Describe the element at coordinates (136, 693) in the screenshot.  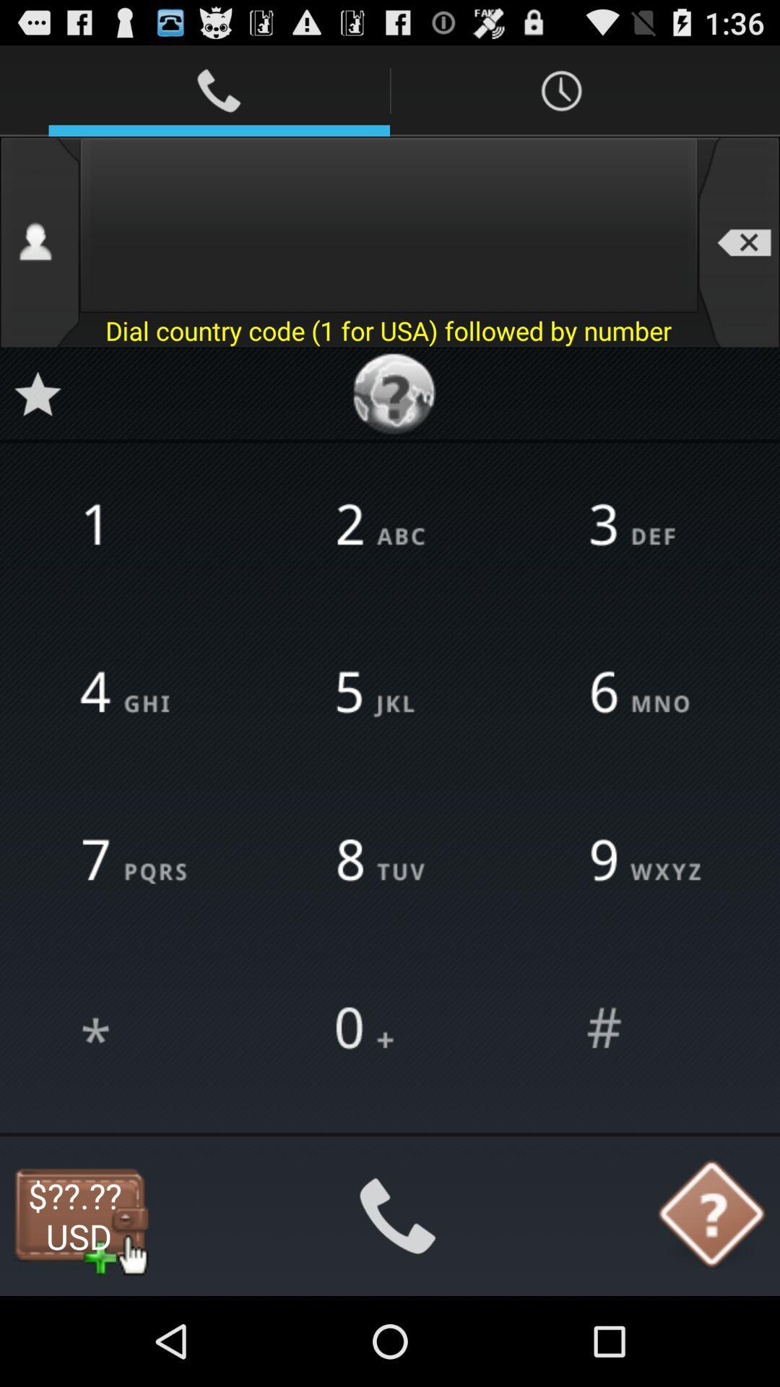
I see `the button which on left to 5jkl` at that location.